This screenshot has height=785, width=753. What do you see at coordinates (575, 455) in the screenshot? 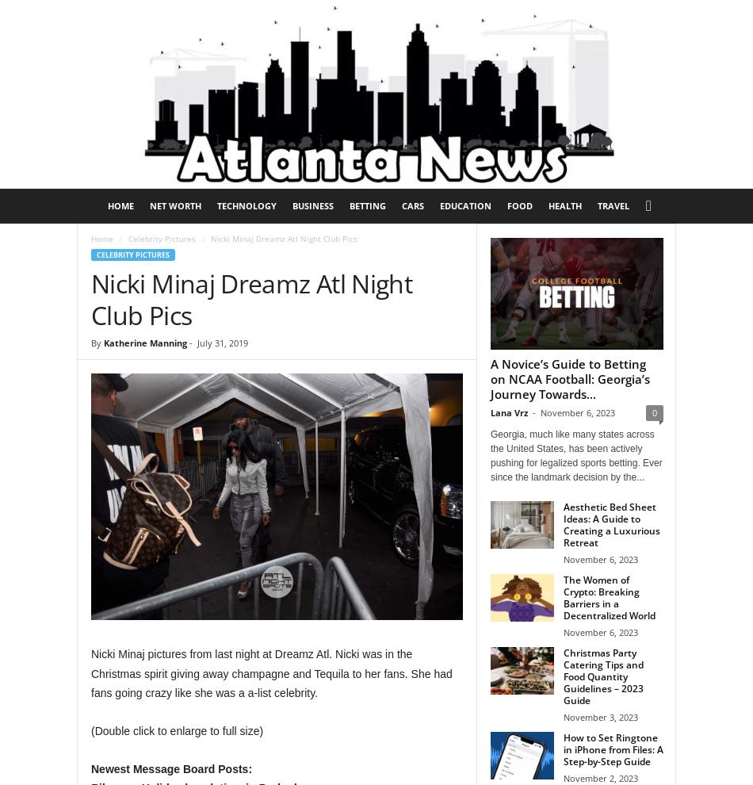
I see `'Georgia, much like many states across the United States, has been actively pushing for legalized sports betting. Ever since the landmark decision by the...'` at bounding box center [575, 455].